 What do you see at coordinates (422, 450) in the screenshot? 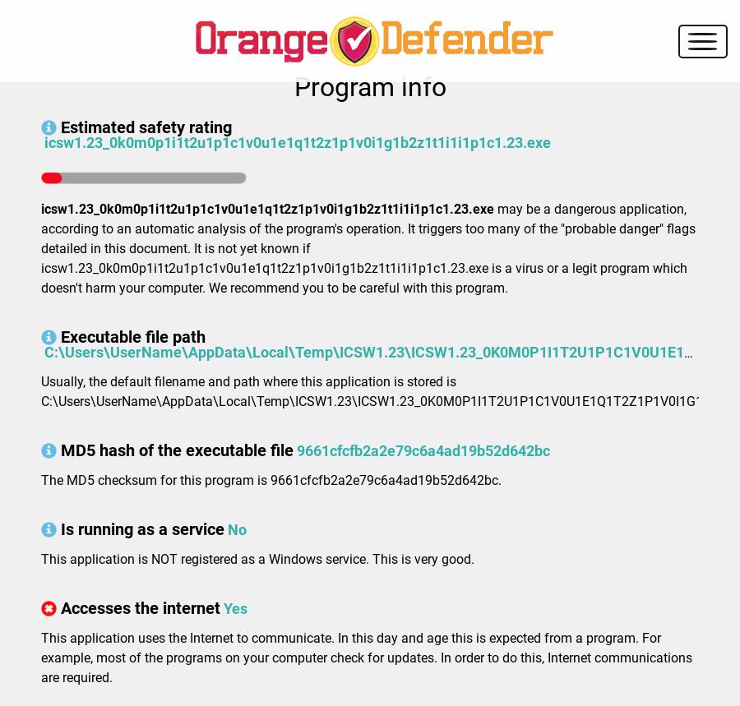
I see `'9661cfcfb2a2e79c6a4ad19b52d642bc'` at bounding box center [422, 450].